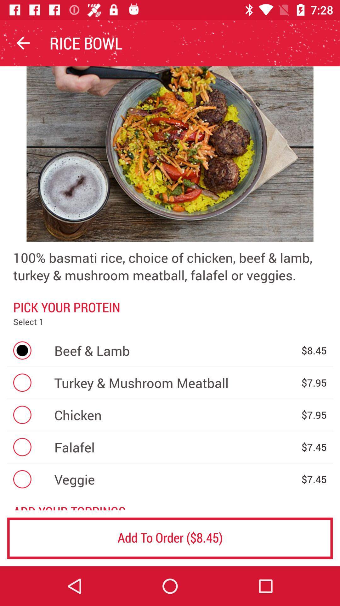 The image size is (340, 606). I want to click on icon to the left of $7.45 item, so click(174, 479).